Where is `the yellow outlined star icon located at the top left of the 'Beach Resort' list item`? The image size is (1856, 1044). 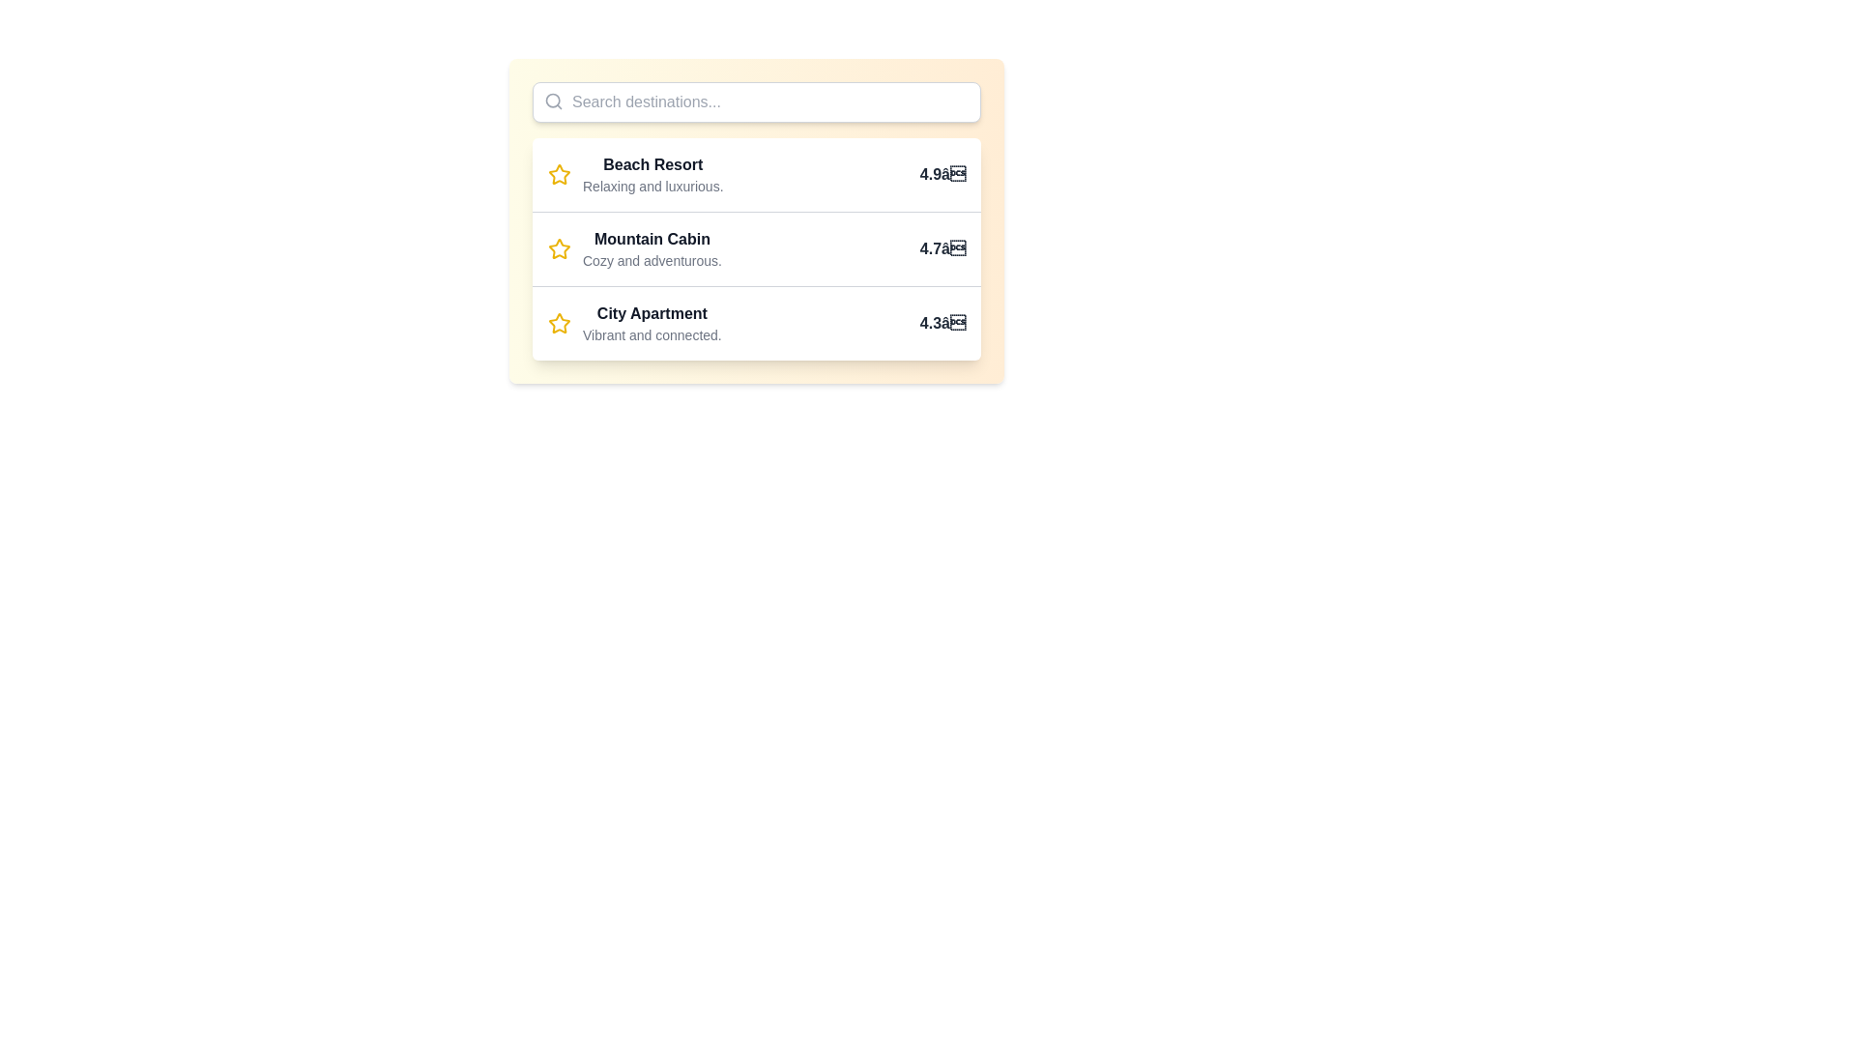
the yellow outlined star icon located at the top left of the 'Beach Resort' list item is located at coordinates (559, 175).